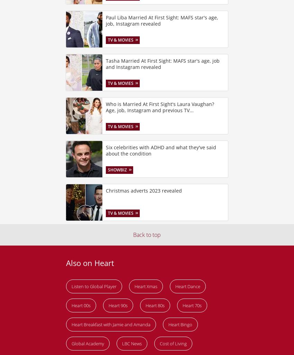 The width and height of the screenshot is (294, 355). Describe the element at coordinates (187, 286) in the screenshot. I see `'Heart Dance'` at that location.